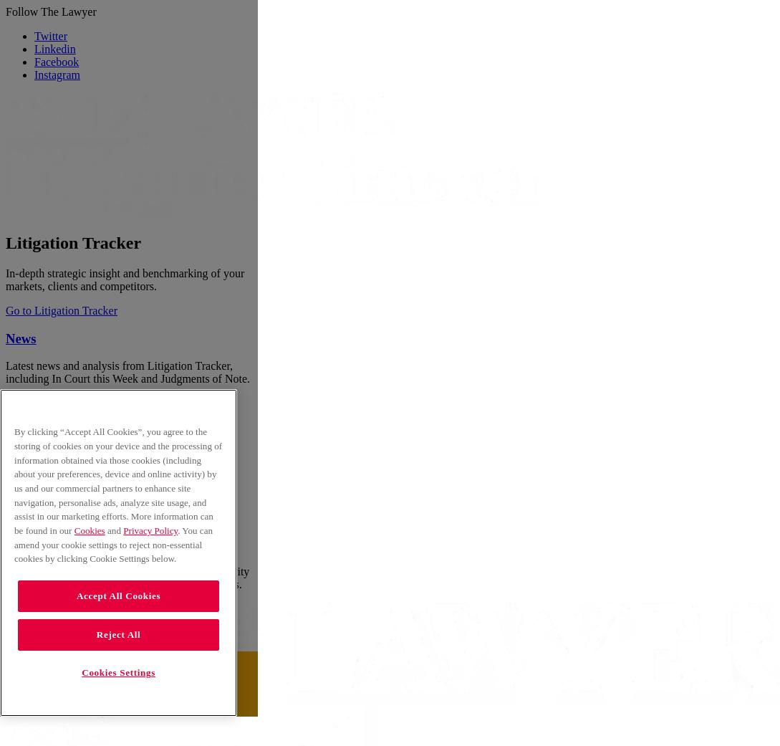 The width and height of the screenshot is (780, 746). What do you see at coordinates (54, 48) in the screenshot?
I see `'Linkedin'` at bounding box center [54, 48].